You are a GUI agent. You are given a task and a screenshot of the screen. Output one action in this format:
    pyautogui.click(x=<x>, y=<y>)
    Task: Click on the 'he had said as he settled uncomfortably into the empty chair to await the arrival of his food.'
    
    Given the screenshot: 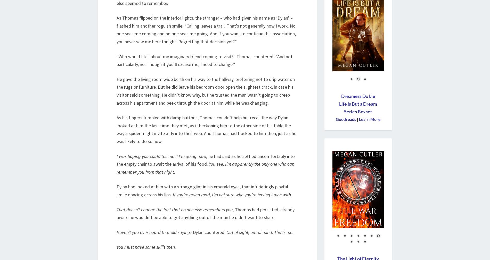 What is the action you would take?
    pyautogui.click(x=205, y=160)
    